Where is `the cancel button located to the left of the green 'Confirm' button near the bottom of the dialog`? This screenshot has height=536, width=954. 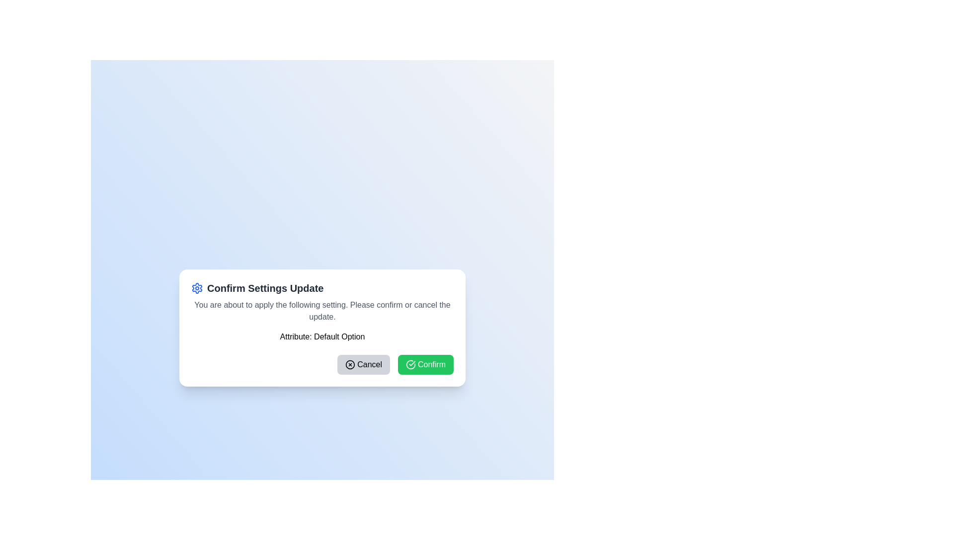 the cancel button located to the left of the green 'Confirm' button near the bottom of the dialog is located at coordinates (363, 365).